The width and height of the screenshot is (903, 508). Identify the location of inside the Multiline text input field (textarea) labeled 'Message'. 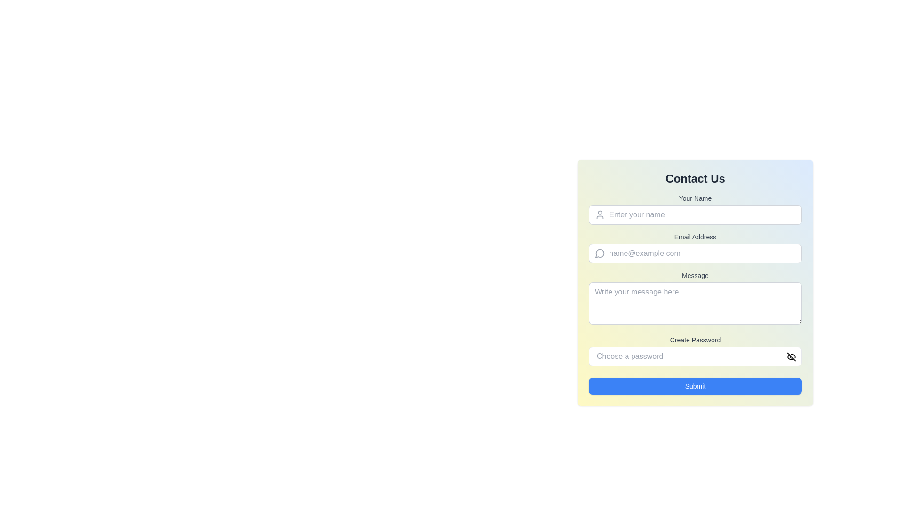
(695, 282).